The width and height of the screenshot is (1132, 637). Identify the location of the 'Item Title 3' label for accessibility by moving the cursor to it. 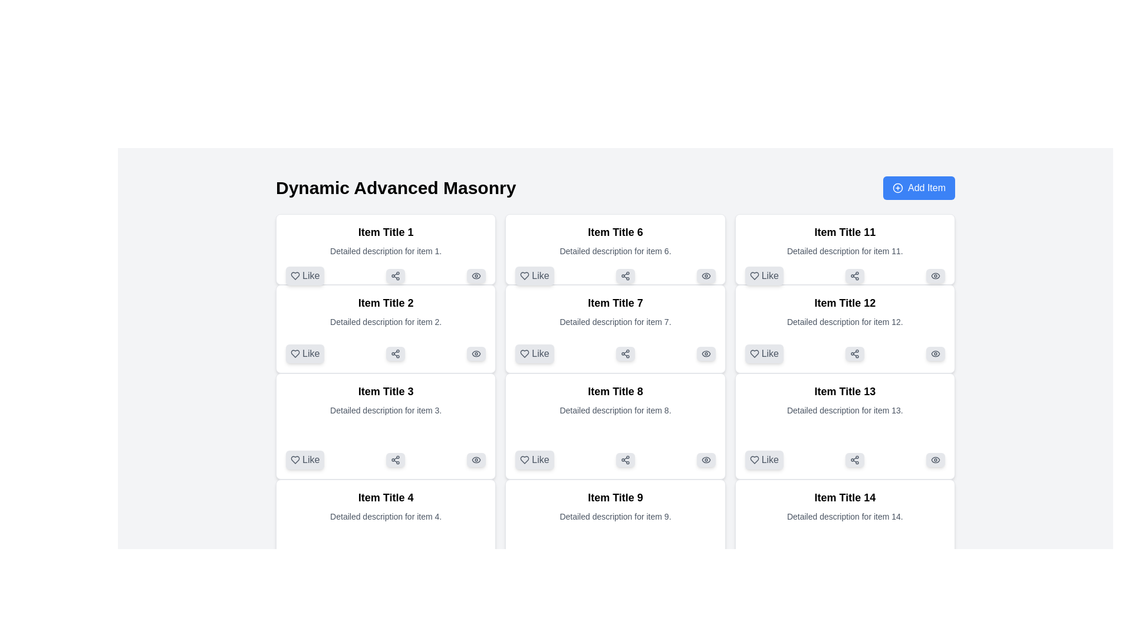
(386, 391).